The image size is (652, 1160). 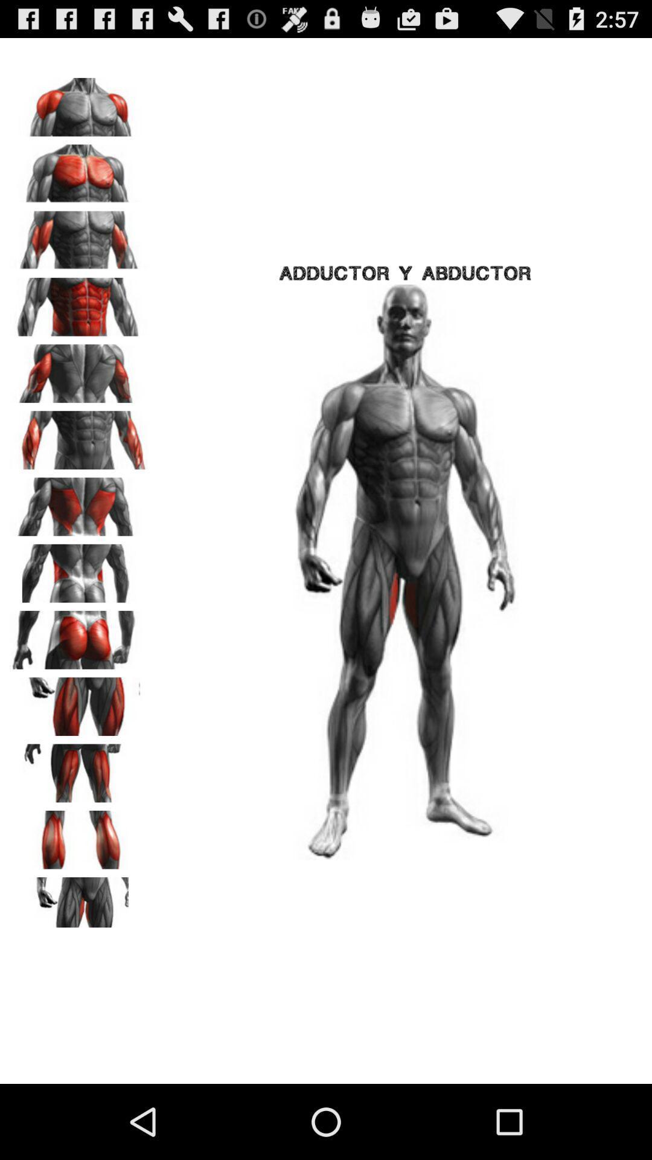 I want to click on legs selection, so click(x=79, y=835).